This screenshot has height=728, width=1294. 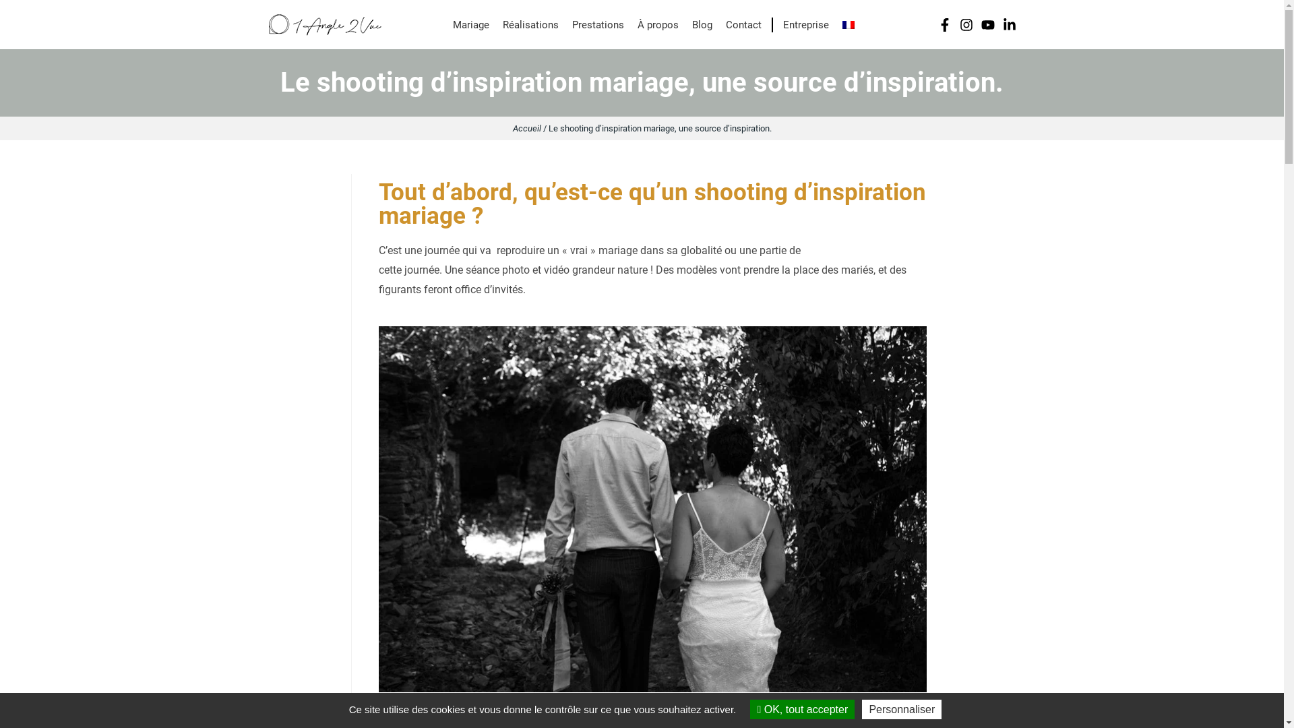 I want to click on 'Personnaliser', so click(x=902, y=708).